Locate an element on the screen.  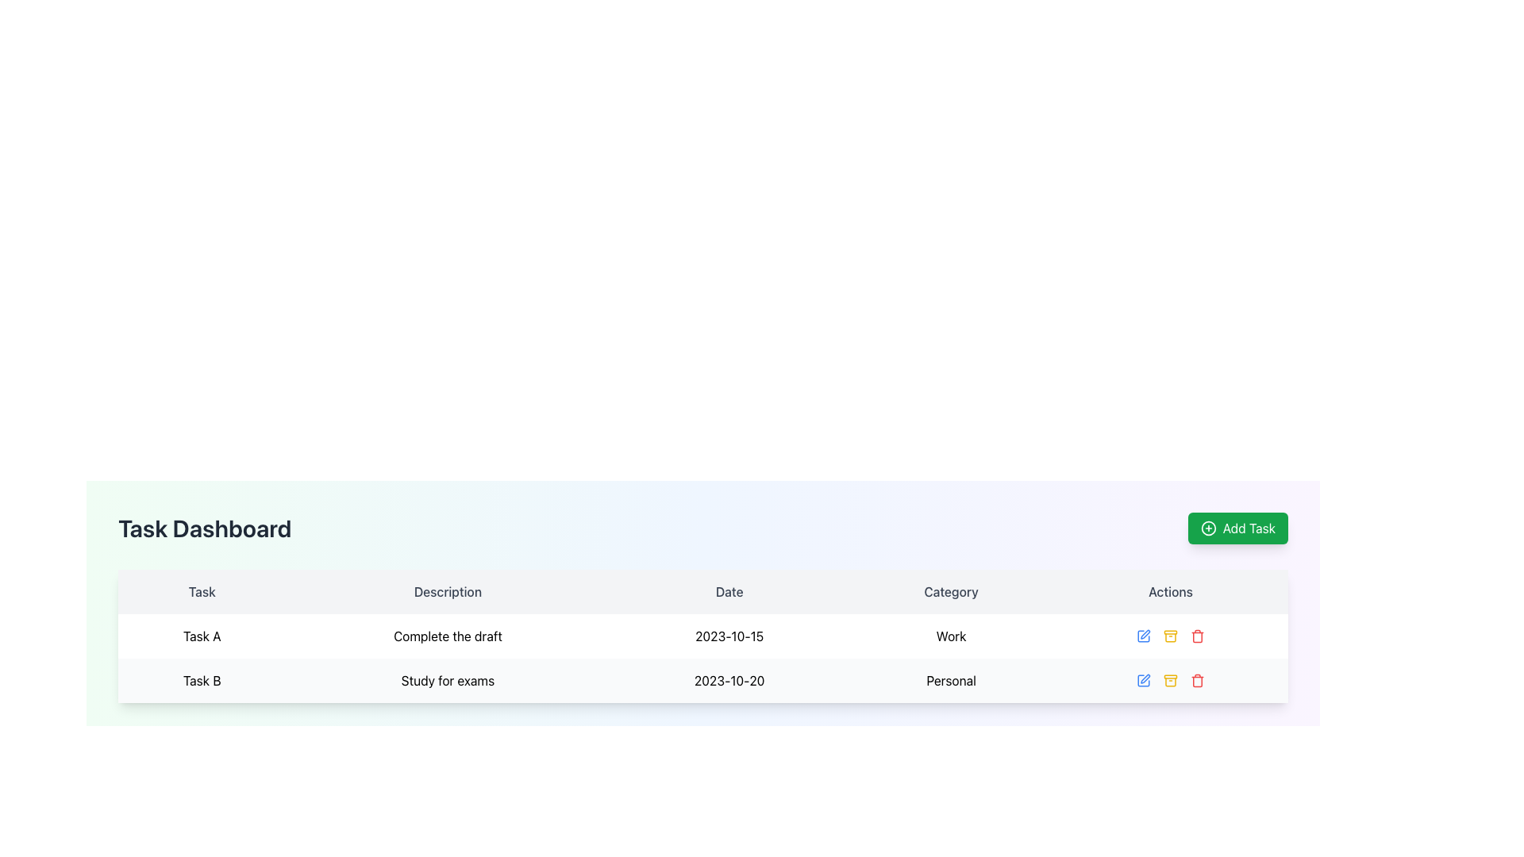
the static header label that serves as the fourth item in the table header, positioned between the 'Date' and 'Actions' labels is located at coordinates (951, 591).